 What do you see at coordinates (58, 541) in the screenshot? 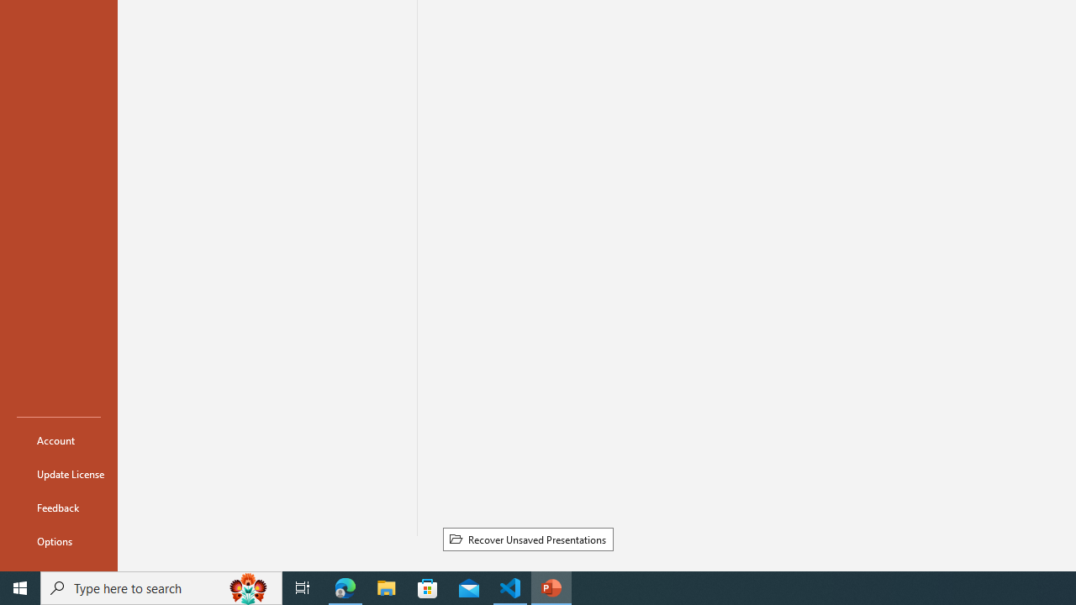
I see `'Options'` at bounding box center [58, 541].